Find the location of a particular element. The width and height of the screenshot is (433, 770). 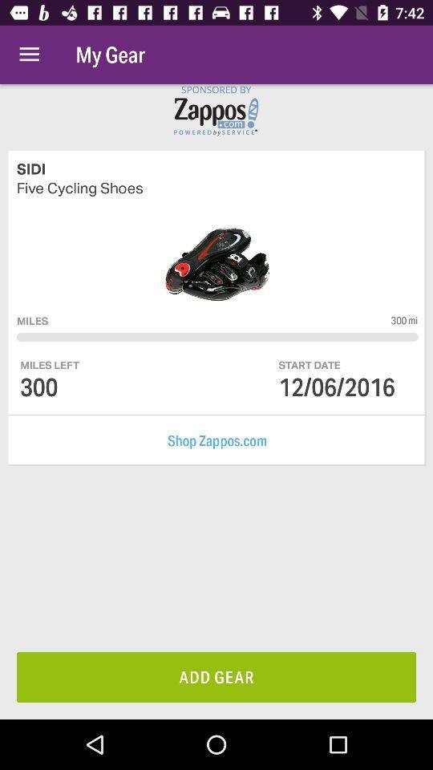

the five cycling shoes icon is located at coordinates (216, 187).